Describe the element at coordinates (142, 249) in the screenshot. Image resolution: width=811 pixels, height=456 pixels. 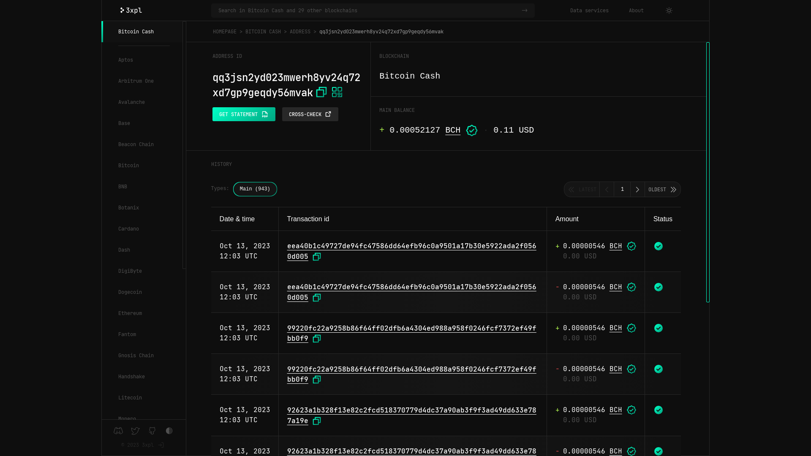
I see `'Dash'` at that location.